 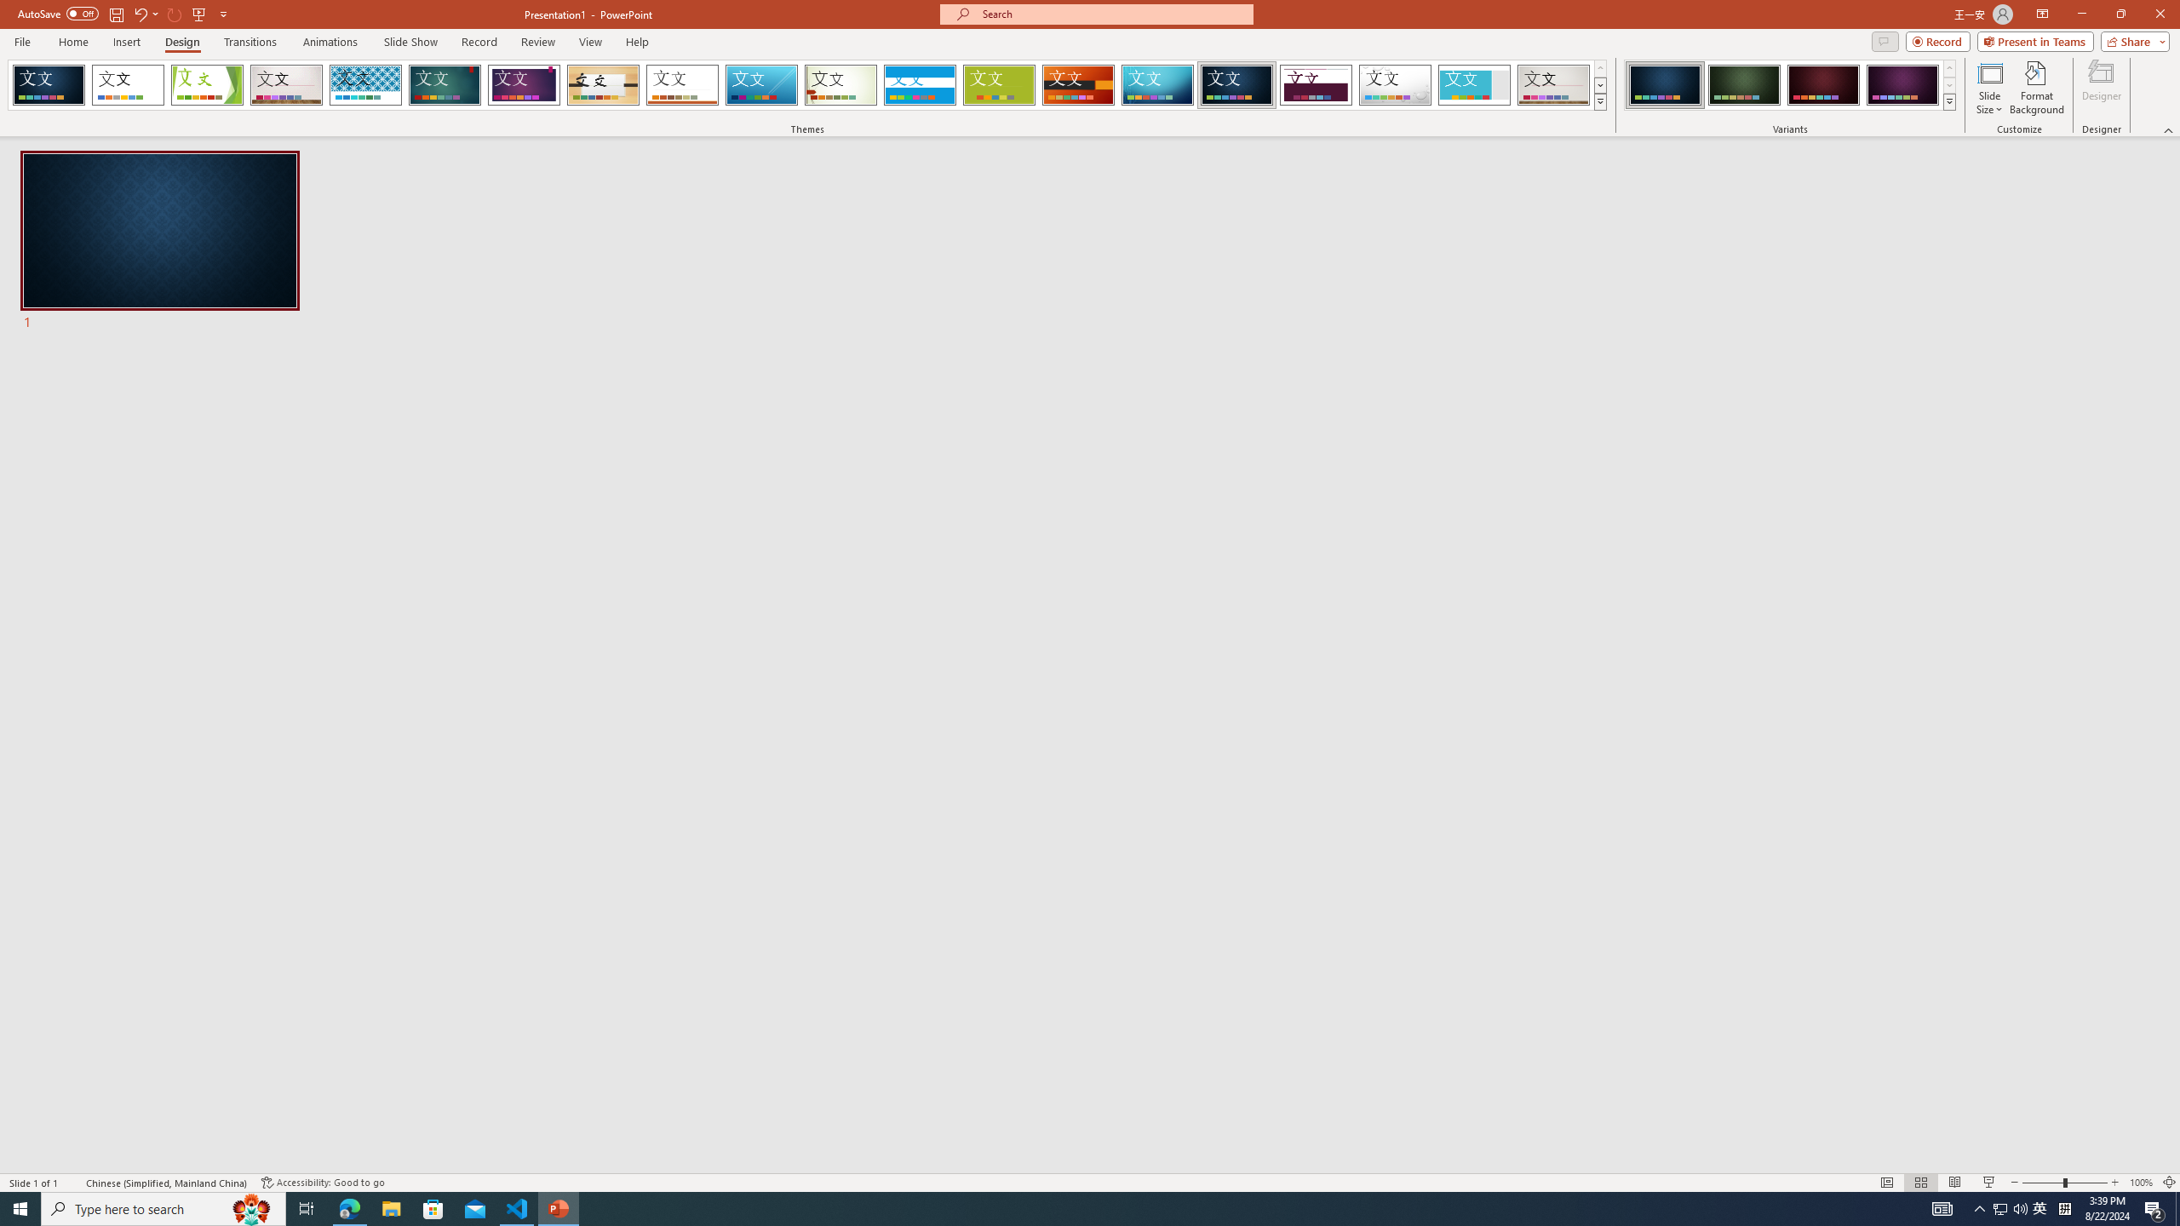 What do you see at coordinates (1316, 84) in the screenshot?
I see `'Dividend Loading Preview...'` at bounding box center [1316, 84].